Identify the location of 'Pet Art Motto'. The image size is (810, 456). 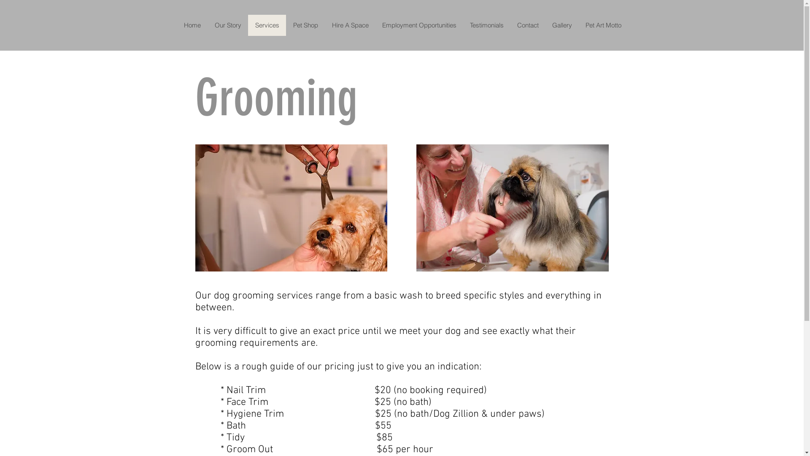
(578, 25).